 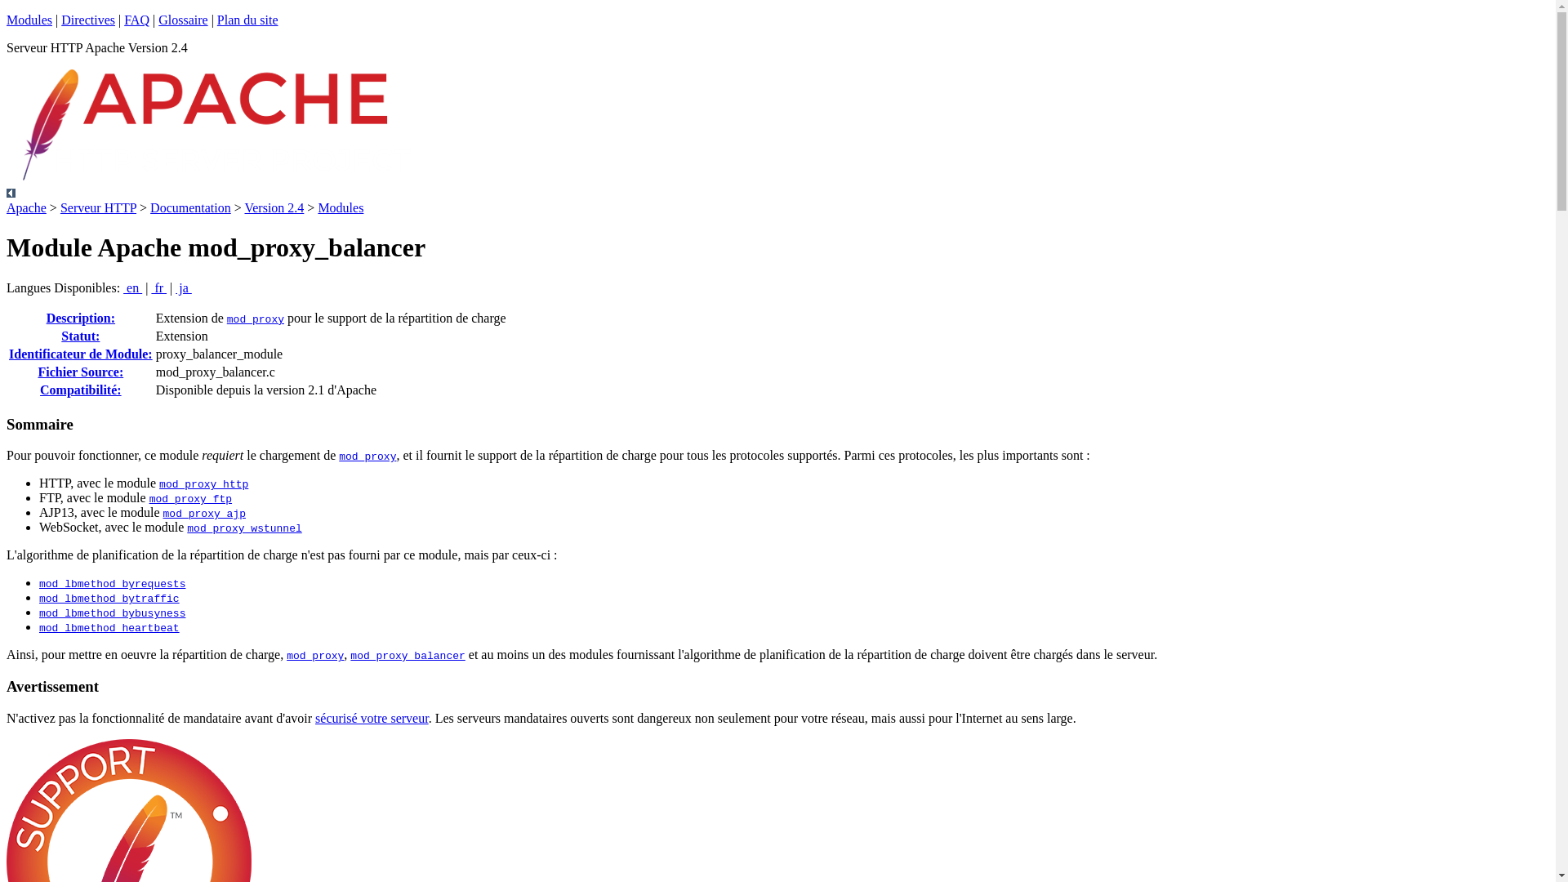 I want to click on 'Fichier Source:', so click(x=79, y=372).